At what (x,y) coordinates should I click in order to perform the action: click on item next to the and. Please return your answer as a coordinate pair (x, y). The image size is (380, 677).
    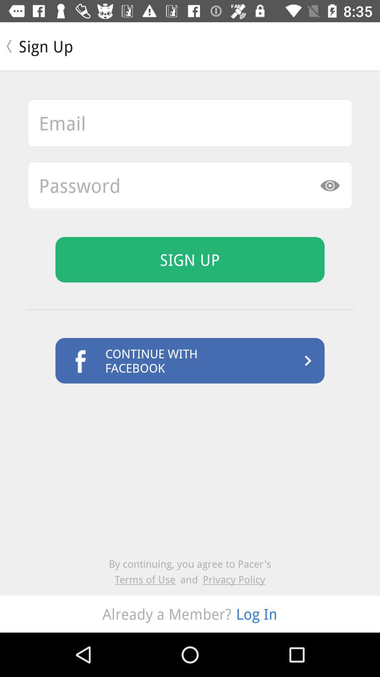
    Looking at the image, I should click on (147, 579).